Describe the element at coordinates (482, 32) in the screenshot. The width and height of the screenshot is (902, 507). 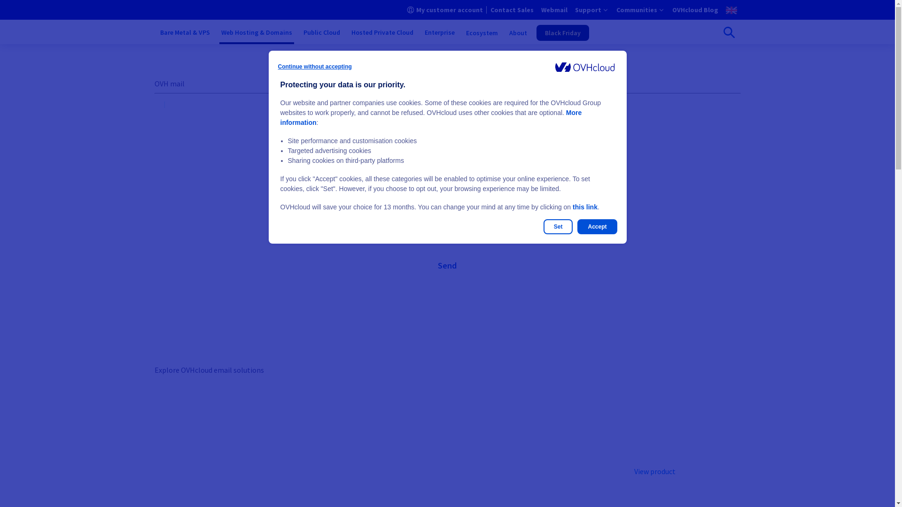
I see `'Ecosystem'` at that location.